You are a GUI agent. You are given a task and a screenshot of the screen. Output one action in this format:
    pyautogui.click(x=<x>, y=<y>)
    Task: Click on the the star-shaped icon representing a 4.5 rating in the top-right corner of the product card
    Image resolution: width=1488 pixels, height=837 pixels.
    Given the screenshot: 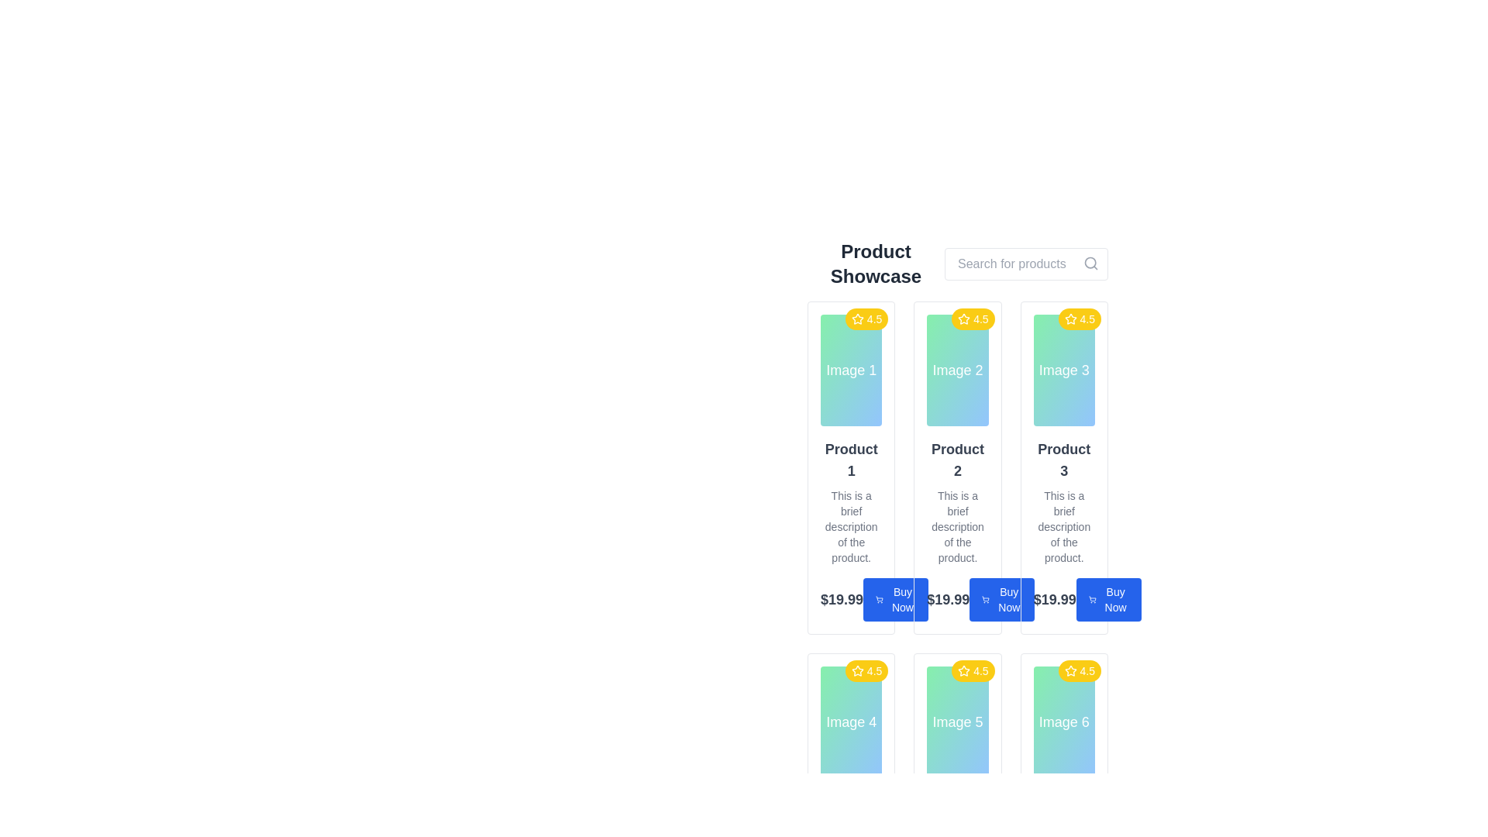 What is the action you would take?
    pyautogui.click(x=1069, y=319)
    